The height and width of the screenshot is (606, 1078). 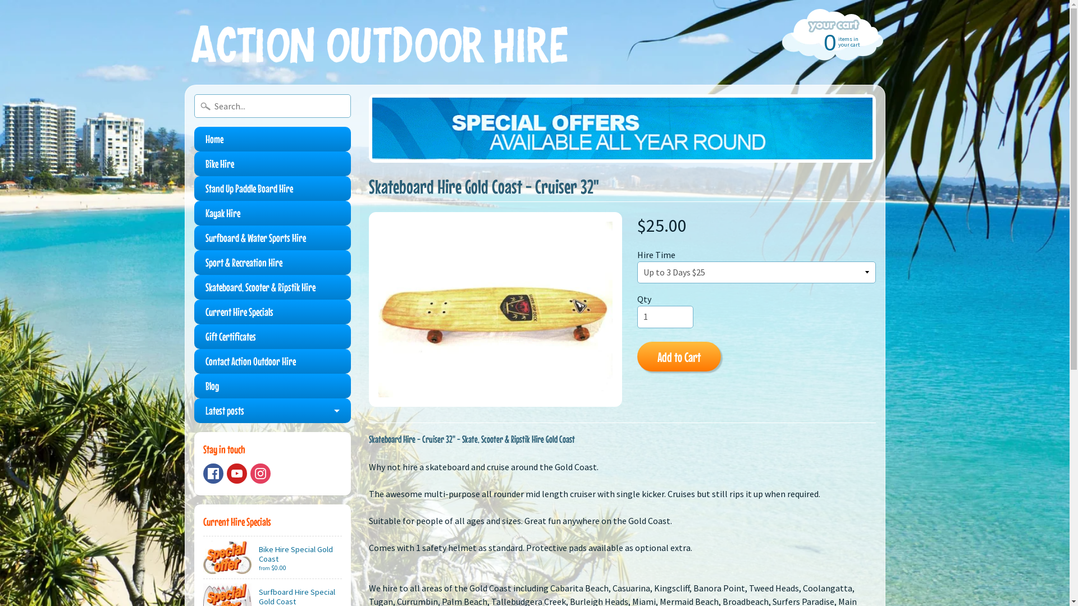 What do you see at coordinates (272, 287) in the screenshot?
I see `'Skateboard, Scooter & Ripstik Hire'` at bounding box center [272, 287].